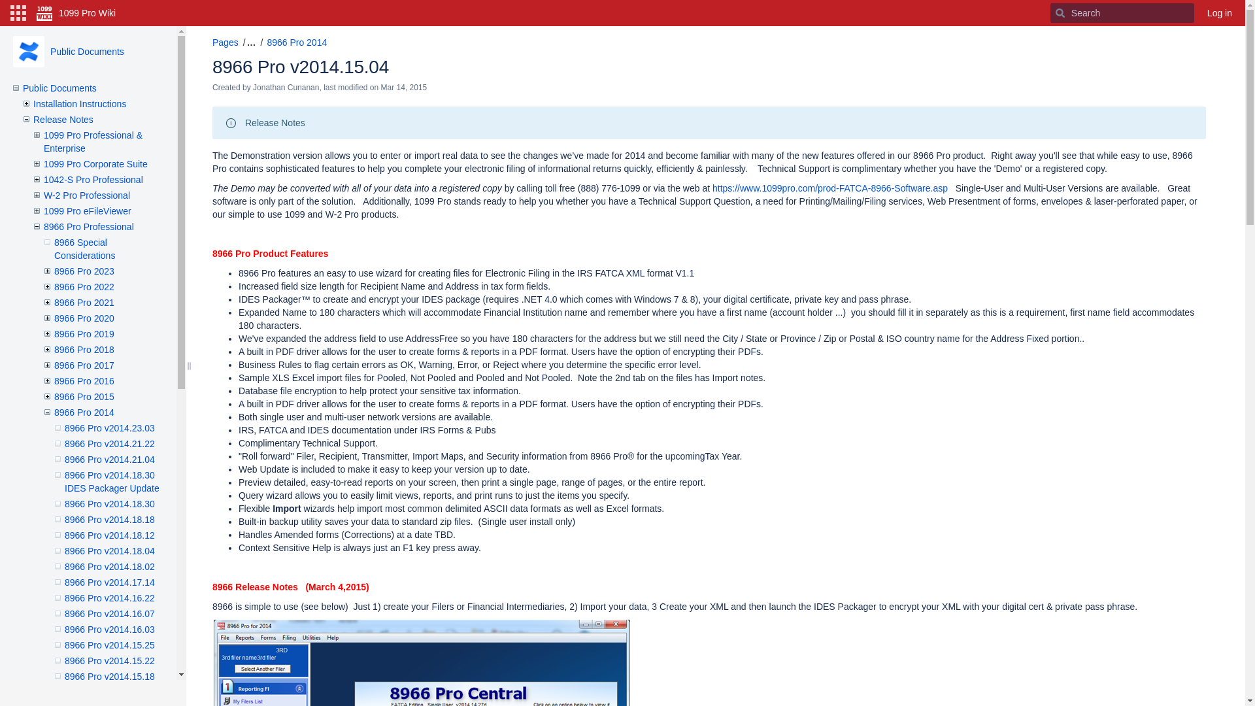 The width and height of the screenshot is (1255, 706). I want to click on 'Jonathan Cunanan', so click(285, 88).